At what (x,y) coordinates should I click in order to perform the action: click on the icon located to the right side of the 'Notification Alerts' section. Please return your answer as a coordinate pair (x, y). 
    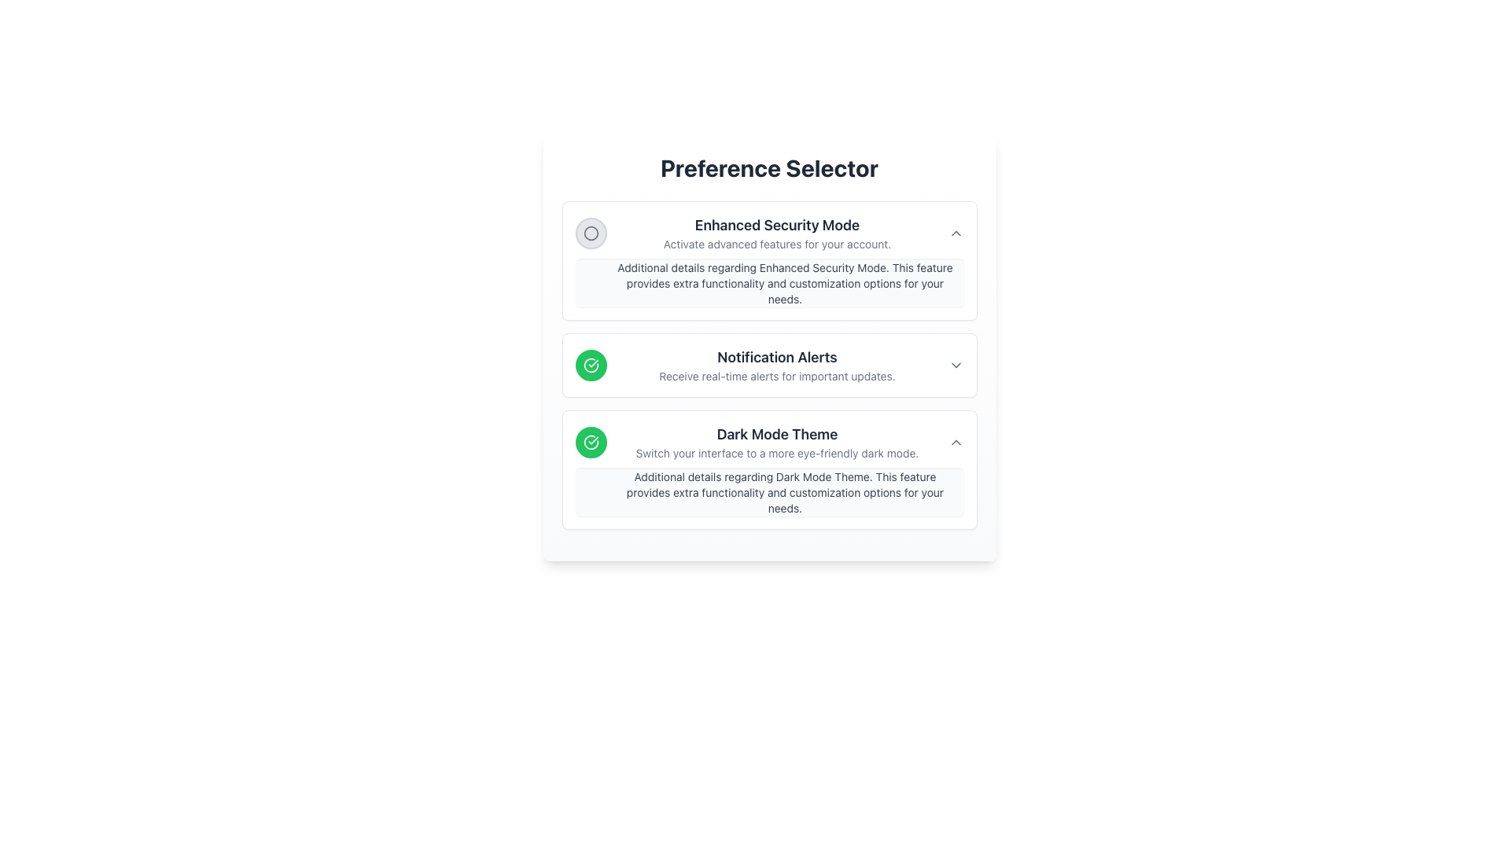
    Looking at the image, I should click on (955, 366).